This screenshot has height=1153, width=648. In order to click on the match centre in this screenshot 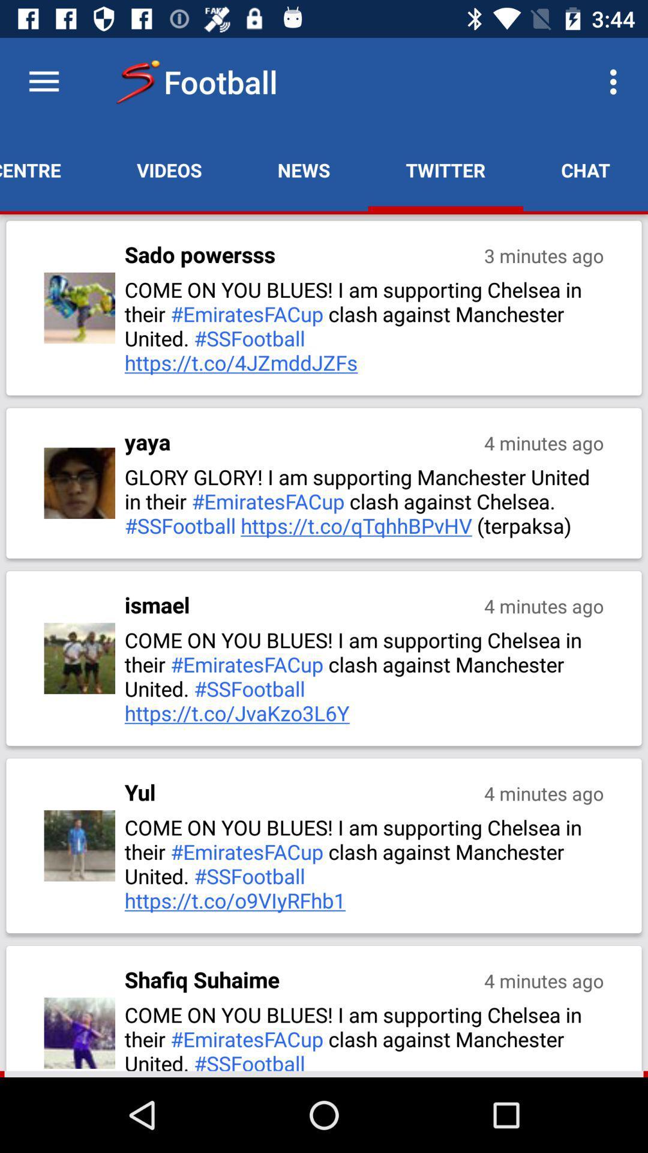, I will do `click(49, 169)`.